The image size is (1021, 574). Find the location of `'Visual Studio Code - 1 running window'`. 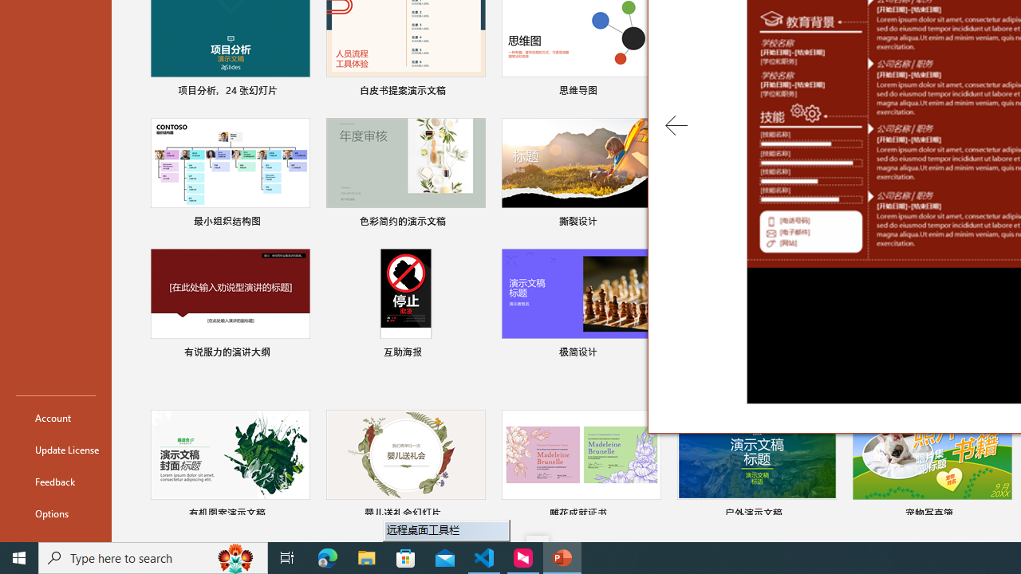

'Visual Studio Code - 1 running window' is located at coordinates (483, 556).